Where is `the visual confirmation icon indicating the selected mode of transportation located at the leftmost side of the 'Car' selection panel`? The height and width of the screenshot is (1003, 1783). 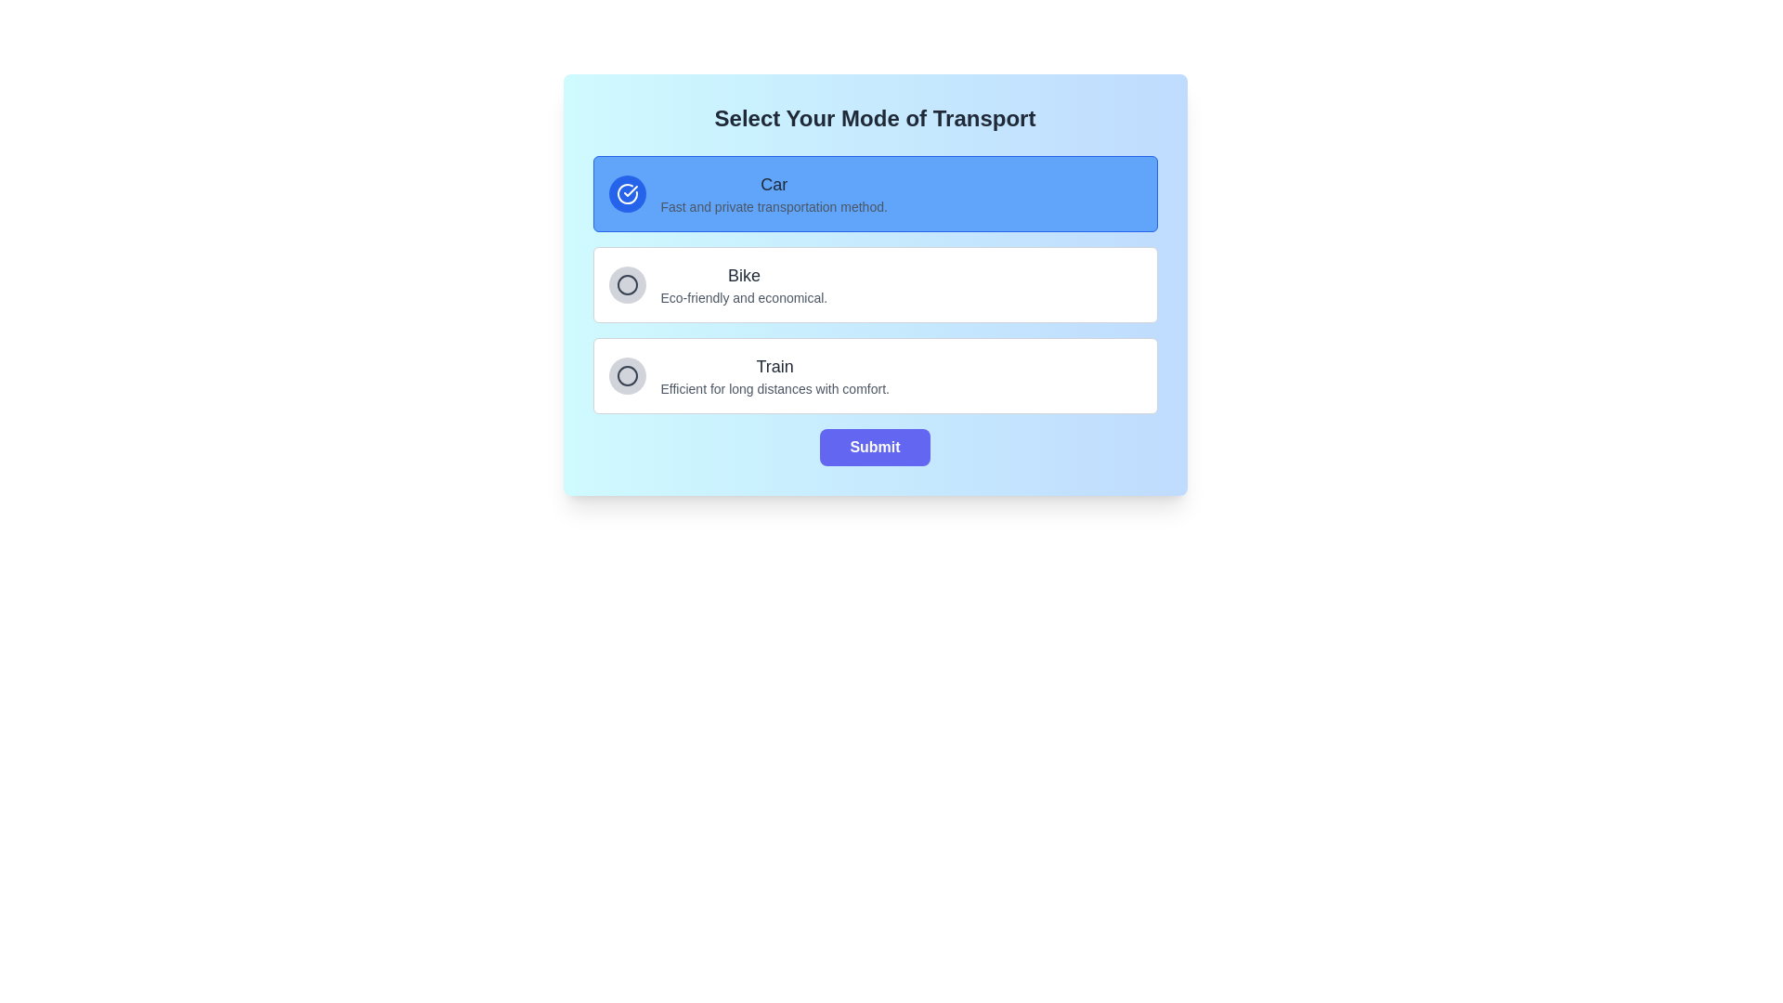 the visual confirmation icon indicating the selected mode of transportation located at the leftmost side of the 'Car' selection panel is located at coordinates (627, 193).